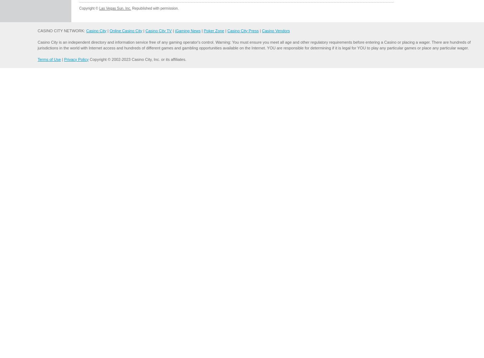  What do you see at coordinates (275, 30) in the screenshot?
I see `'Casino Vendors'` at bounding box center [275, 30].